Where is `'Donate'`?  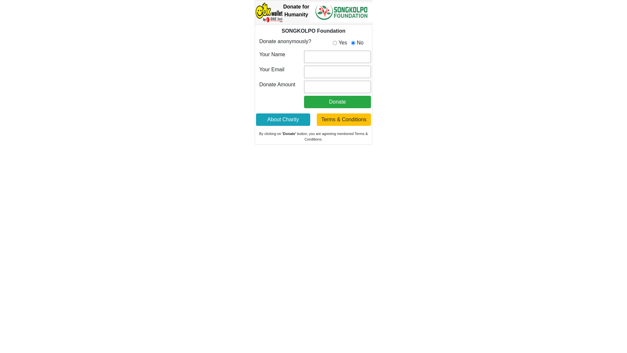
'Donate' is located at coordinates (337, 102).